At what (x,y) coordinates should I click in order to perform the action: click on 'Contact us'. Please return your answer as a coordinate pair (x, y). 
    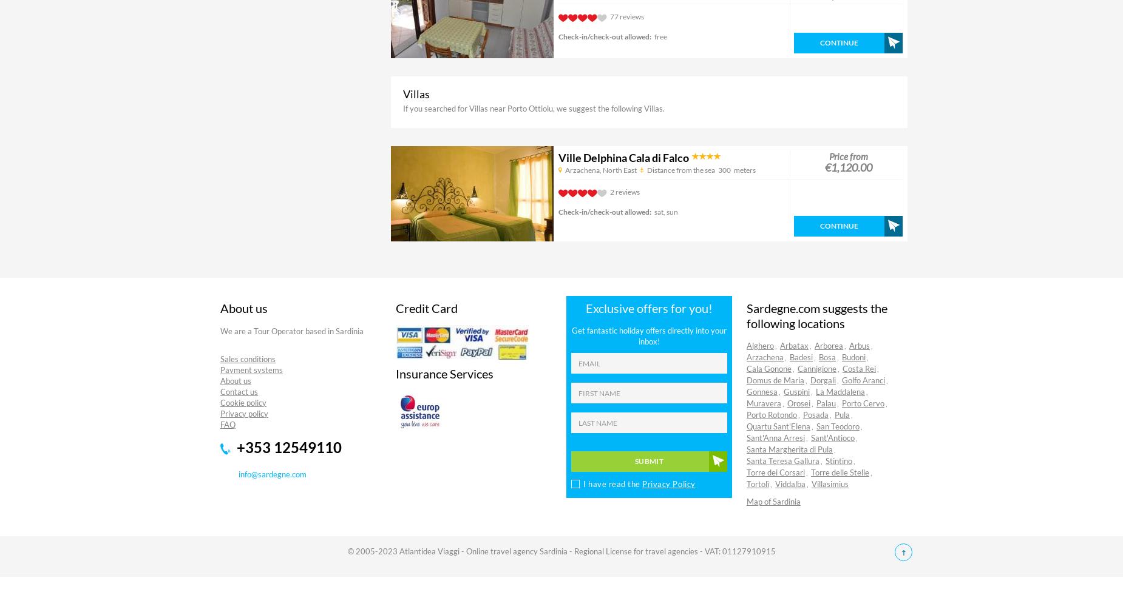
    Looking at the image, I should click on (239, 391).